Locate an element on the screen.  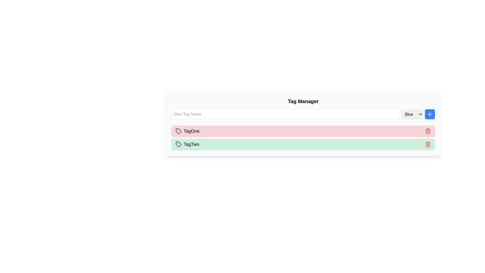
the 'TagTwo' label with icon, which displays the text 'TagTwo' and is styled with a bold font on a green background is located at coordinates (187, 144).